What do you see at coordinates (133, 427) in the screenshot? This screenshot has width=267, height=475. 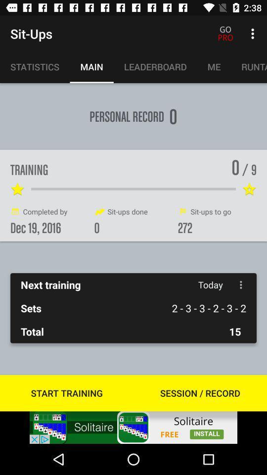 I see `install app` at bounding box center [133, 427].